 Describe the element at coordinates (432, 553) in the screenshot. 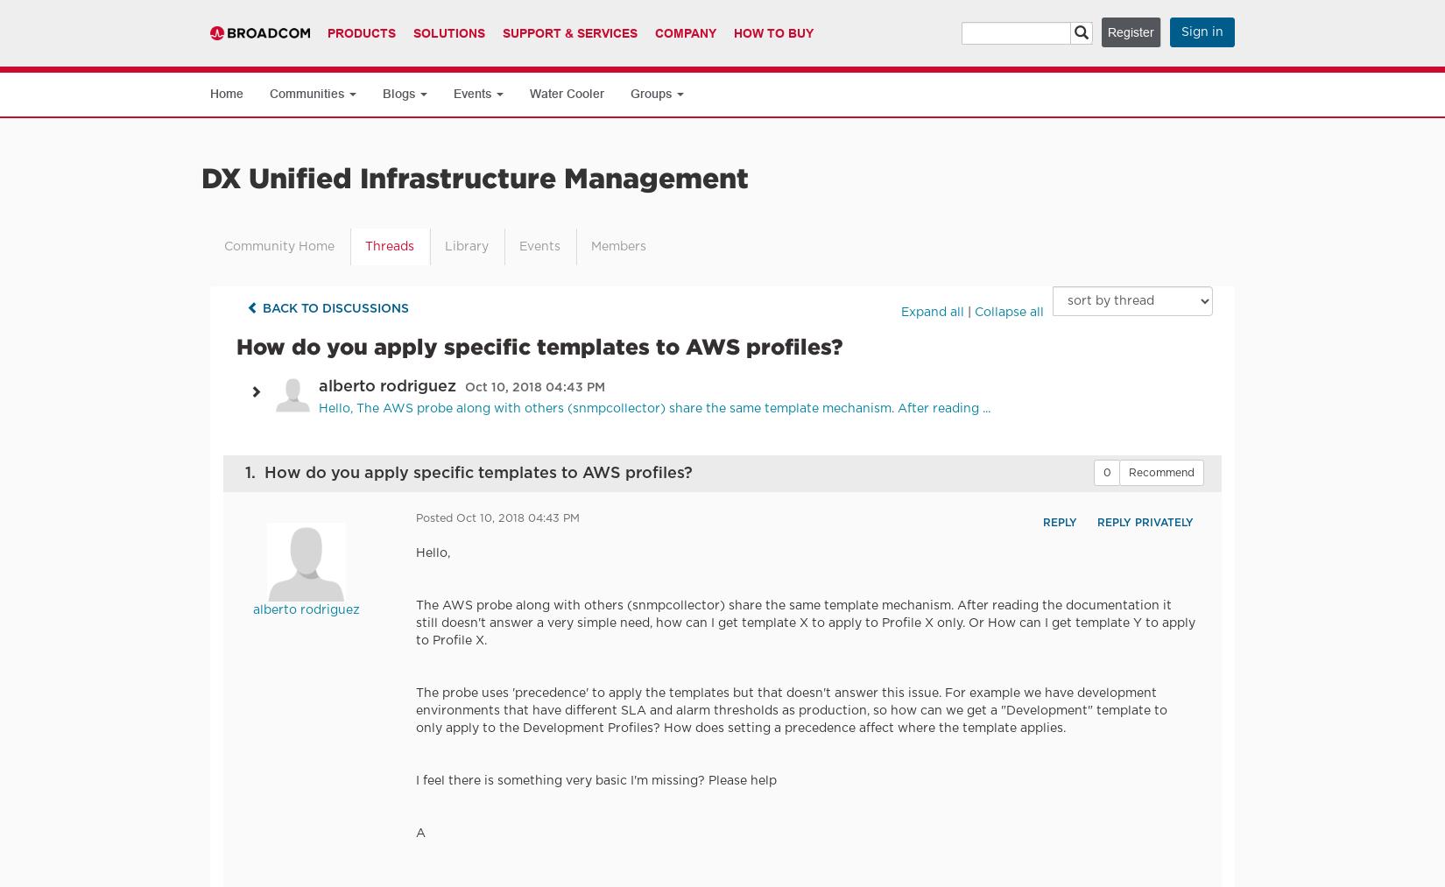

I see `'Hello,'` at that location.